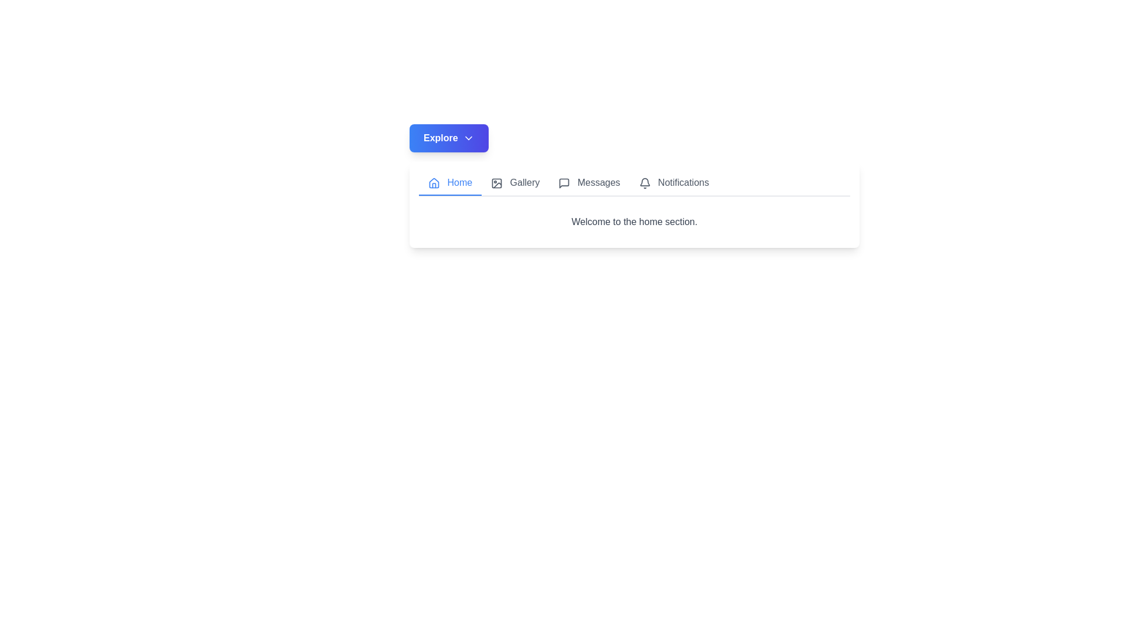 This screenshot has width=1125, height=633. I want to click on properties of the Decorative SVG graphical component which visually indicates the availability of notifications, located in the 'Notifications' section of the main navigation bar, so click(644, 182).